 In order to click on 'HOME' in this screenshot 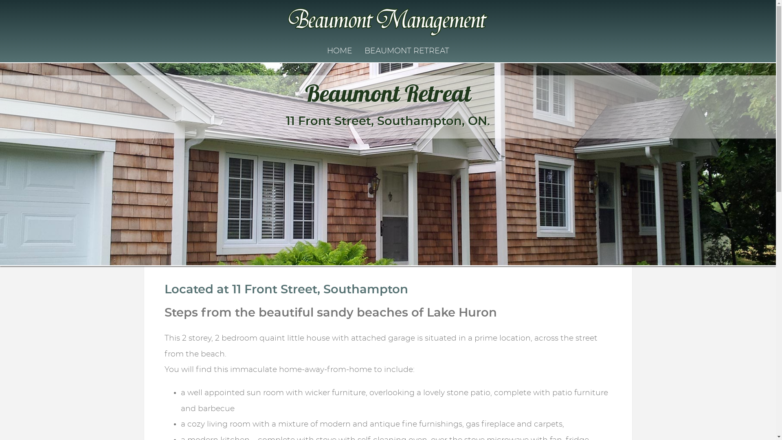, I will do `click(339, 51)`.